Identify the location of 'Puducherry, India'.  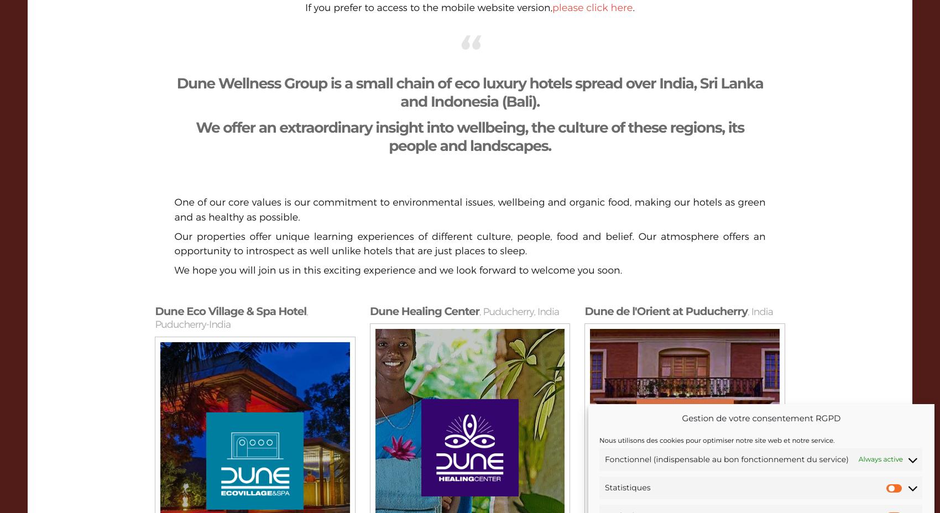
(520, 311).